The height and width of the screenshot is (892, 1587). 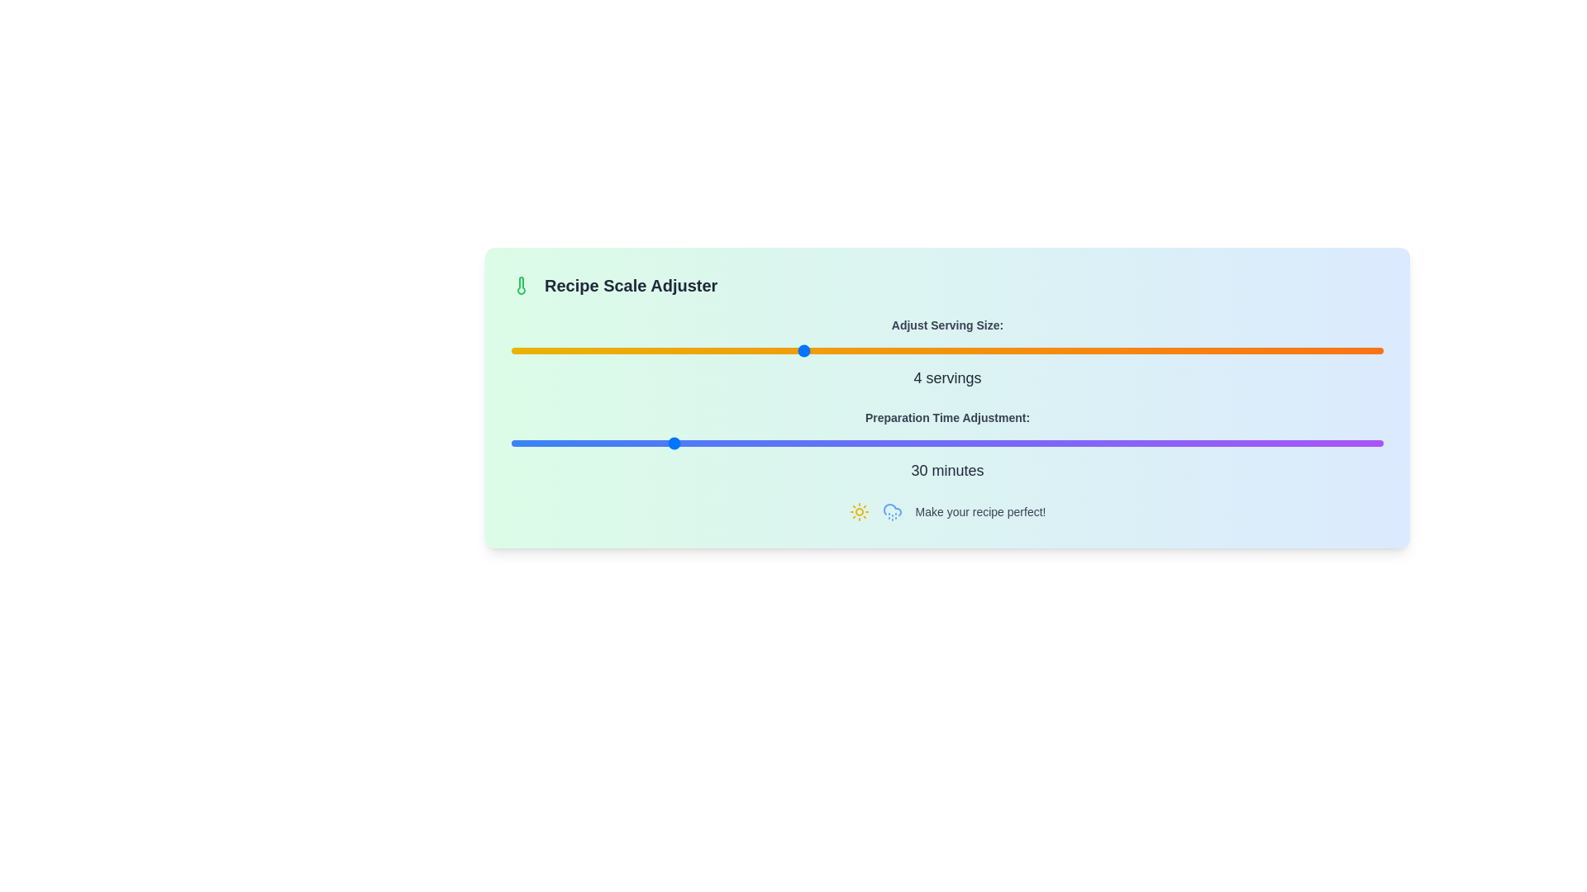 What do you see at coordinates (1122, 442) in the screenshot?
I see `the preparation time` at bounding box center [1122, 442].